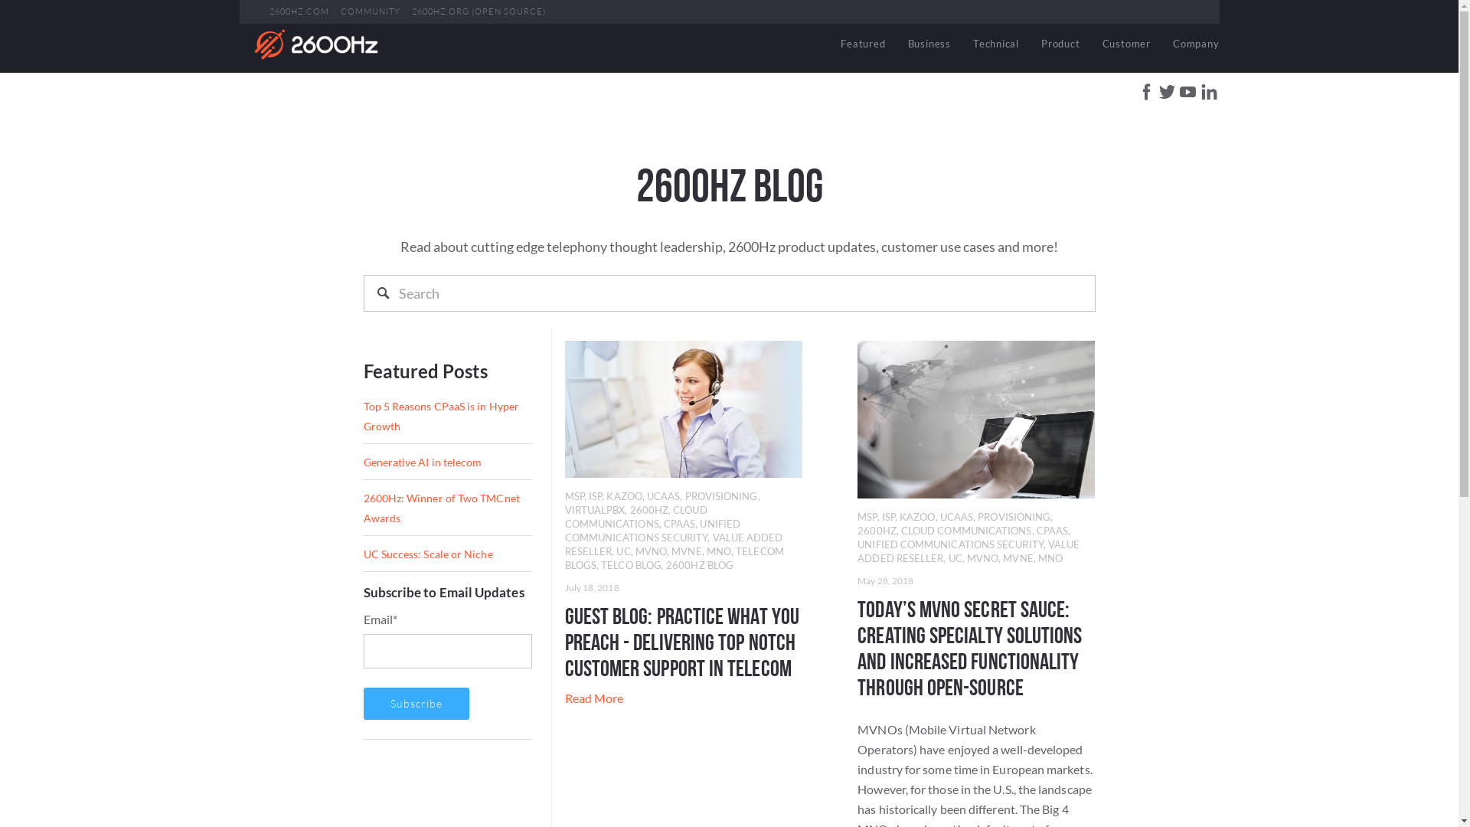  Describe the element at coordinates (829, 44) in the screenshot. I see `'Featured'` at that location.